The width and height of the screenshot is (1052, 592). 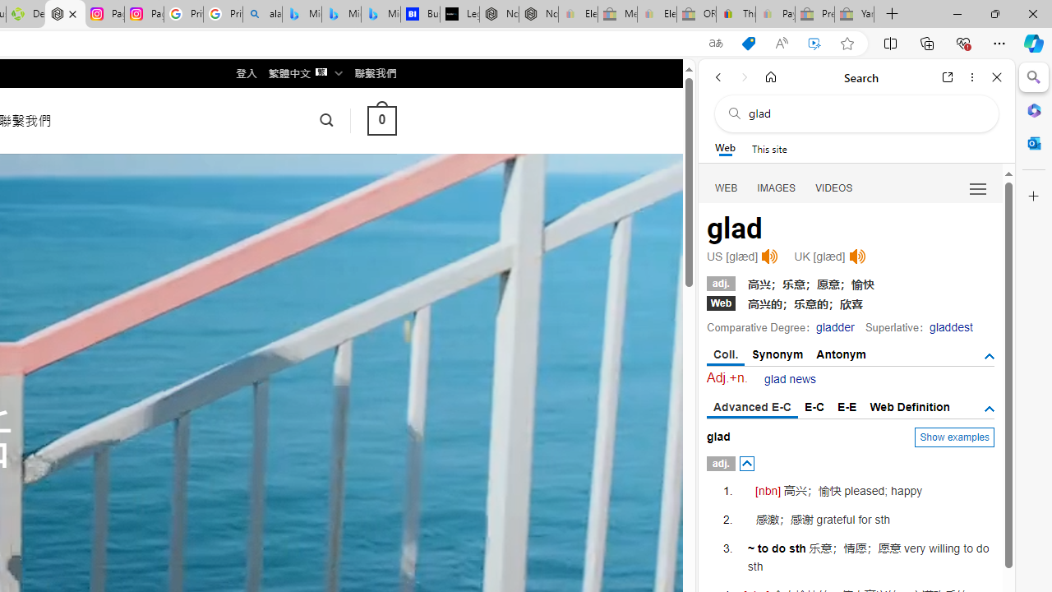 What do you see at coordinates (381, 119) in the screenshot?
I see `'  0  '` at bounding box center [381, 119].